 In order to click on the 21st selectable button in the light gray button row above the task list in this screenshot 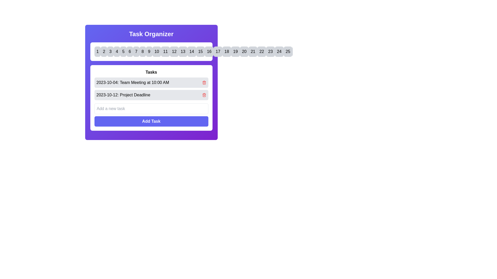, I will do `click(253, 52)`.